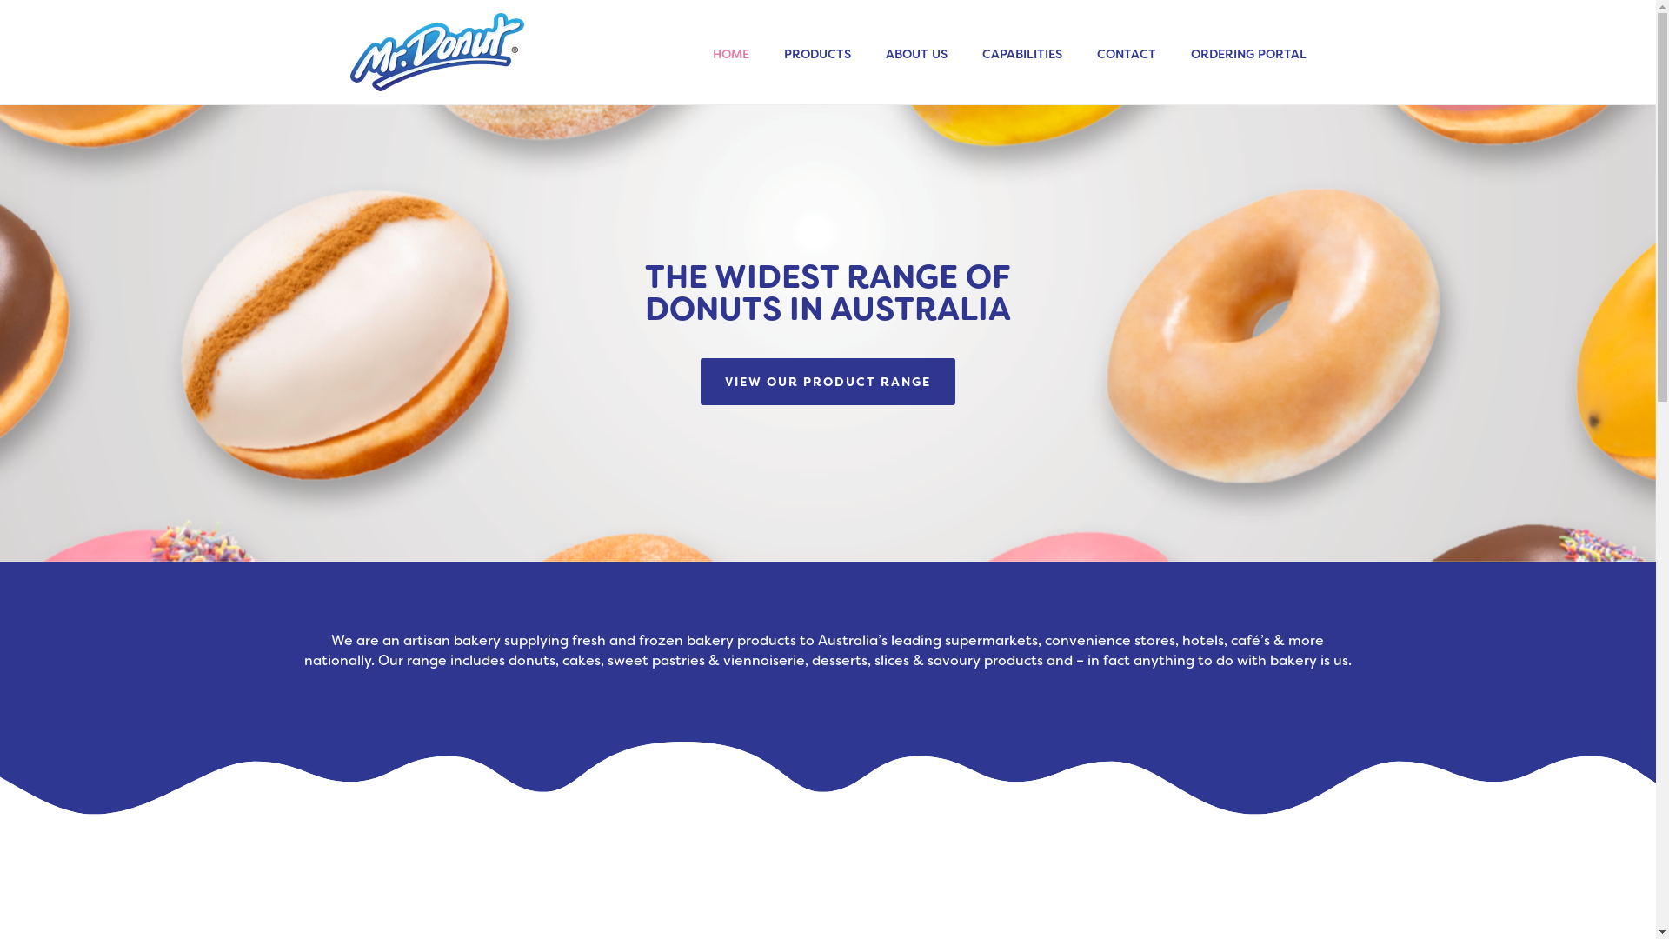 This screenshot has width=1669, height=939. What do you see at coordinates (914, 51) in the screenshot?
I see `'ABOUT US'` at bounding box center [914, 51].